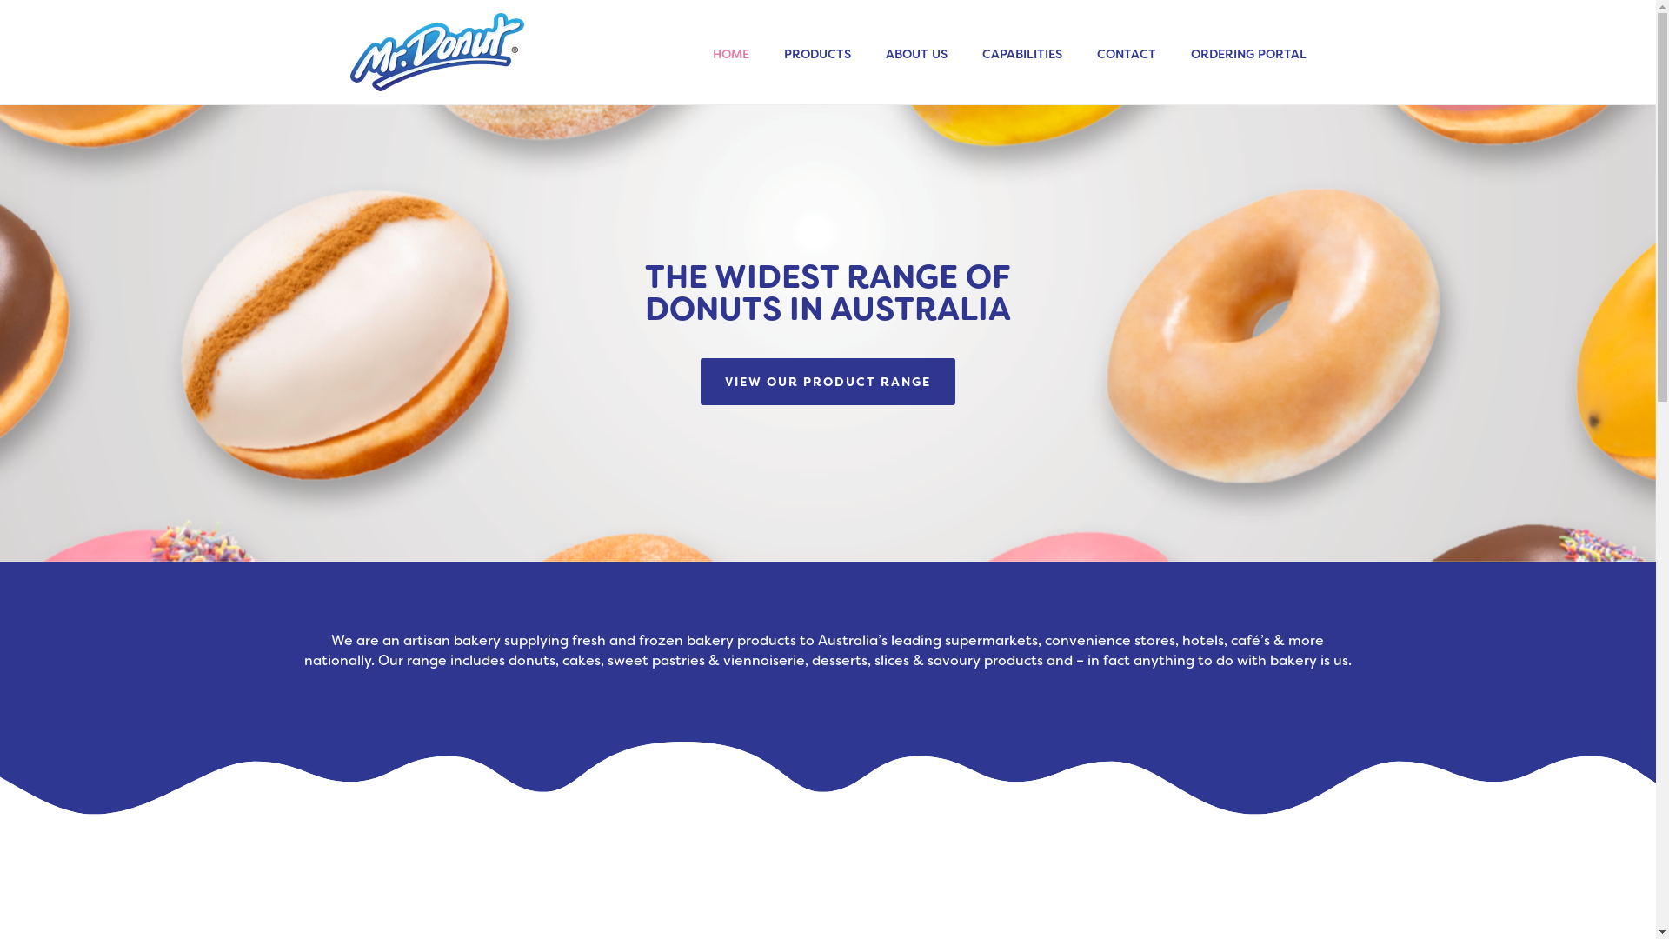 This screenshot has width=1669, height=939. What do you see at coordinates (914, 51) in the screenshot?
I see `'ABOUT US'` at bounding box center [914, 51].